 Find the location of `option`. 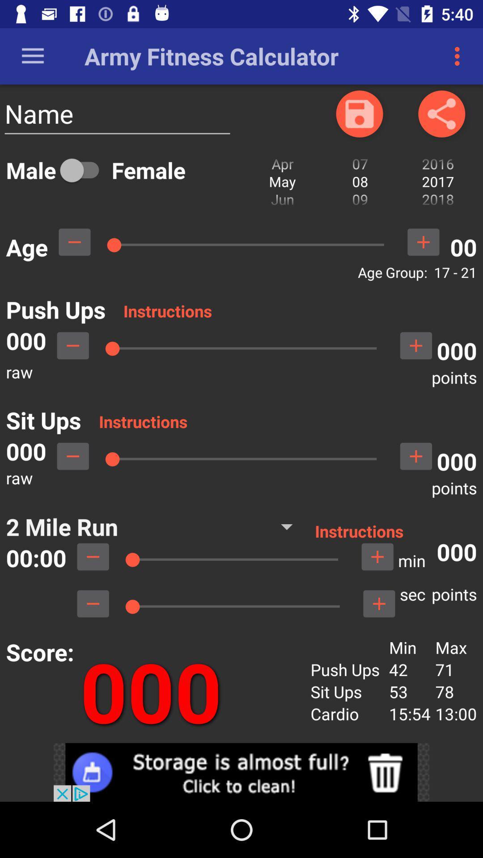

option is located at coordinates (84, 170).